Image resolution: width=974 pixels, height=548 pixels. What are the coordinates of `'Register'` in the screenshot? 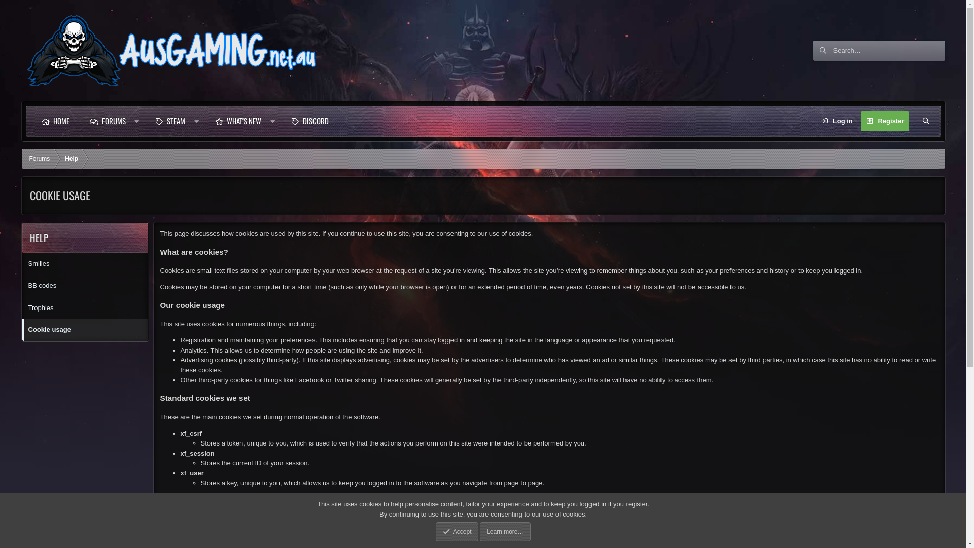 It's located at (884, 121).